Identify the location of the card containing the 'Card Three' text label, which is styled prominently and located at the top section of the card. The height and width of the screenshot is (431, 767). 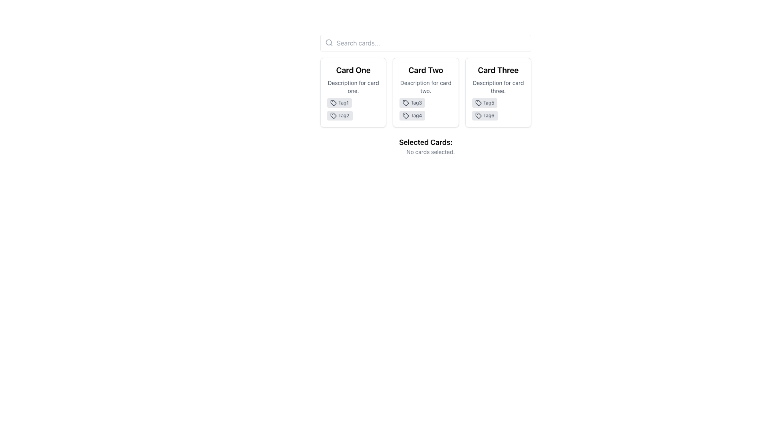
(498, 70).